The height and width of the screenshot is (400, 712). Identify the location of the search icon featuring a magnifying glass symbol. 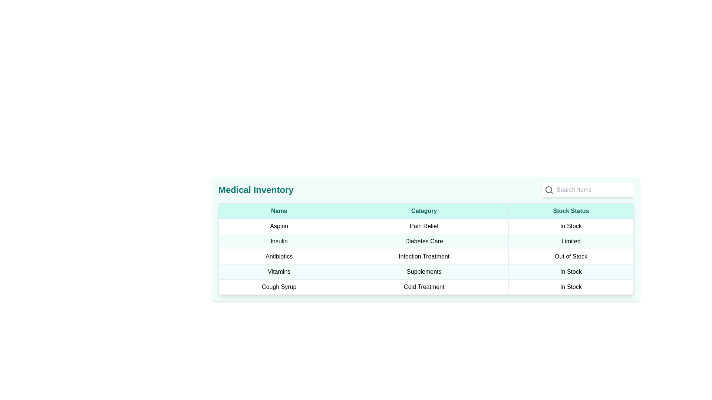
(549, 190).